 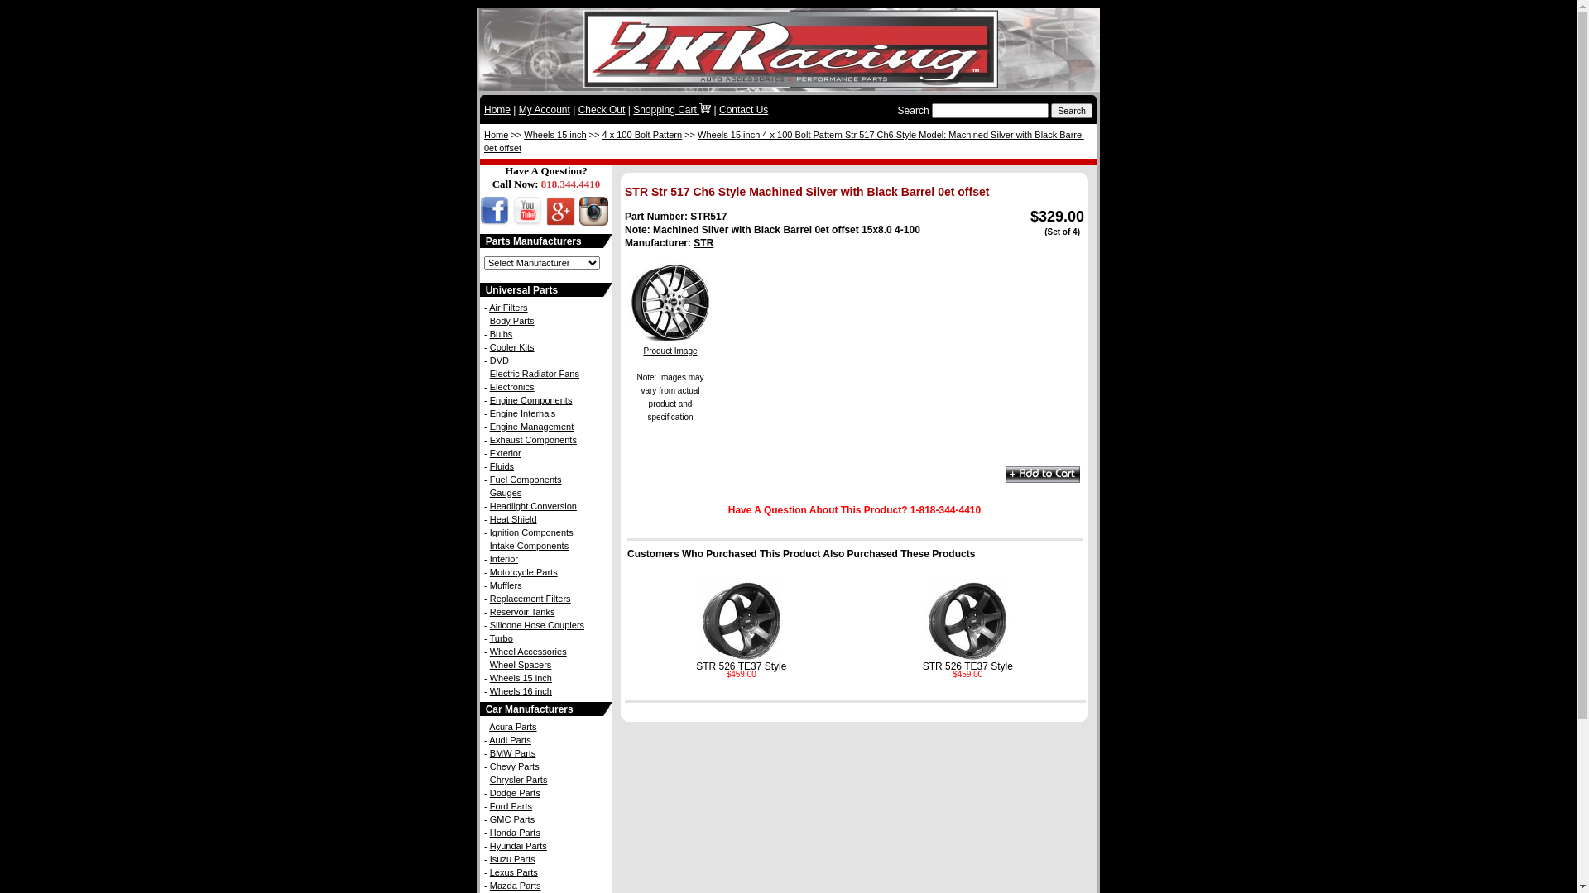 I want to click on 'Mufflers', so click(x=505, y=585).